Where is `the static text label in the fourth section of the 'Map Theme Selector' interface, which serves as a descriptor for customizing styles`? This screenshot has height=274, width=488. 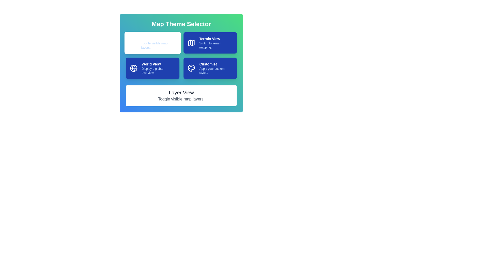 the static text label in the fourth section of the 'Map Theme Selector' interface, which serves as a descriptor for customizing styles is located at coordinates (216, 64).